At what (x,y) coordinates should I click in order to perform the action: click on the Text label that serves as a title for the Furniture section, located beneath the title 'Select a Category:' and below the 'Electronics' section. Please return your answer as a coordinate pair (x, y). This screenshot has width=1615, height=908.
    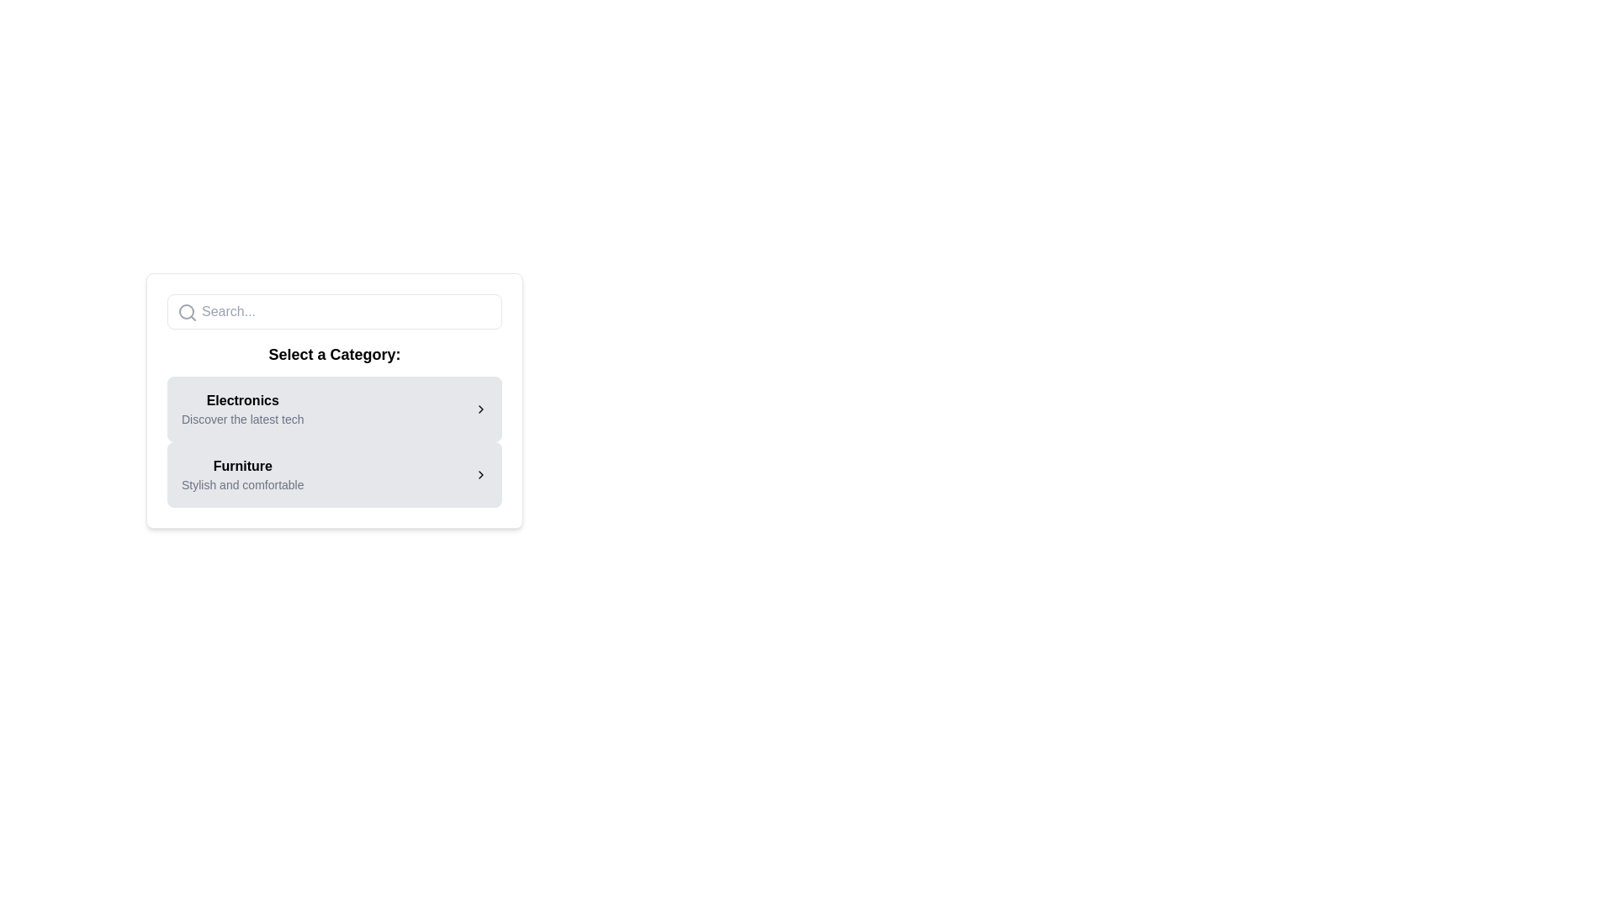
    Looking at the image, I should click on (241, 467).